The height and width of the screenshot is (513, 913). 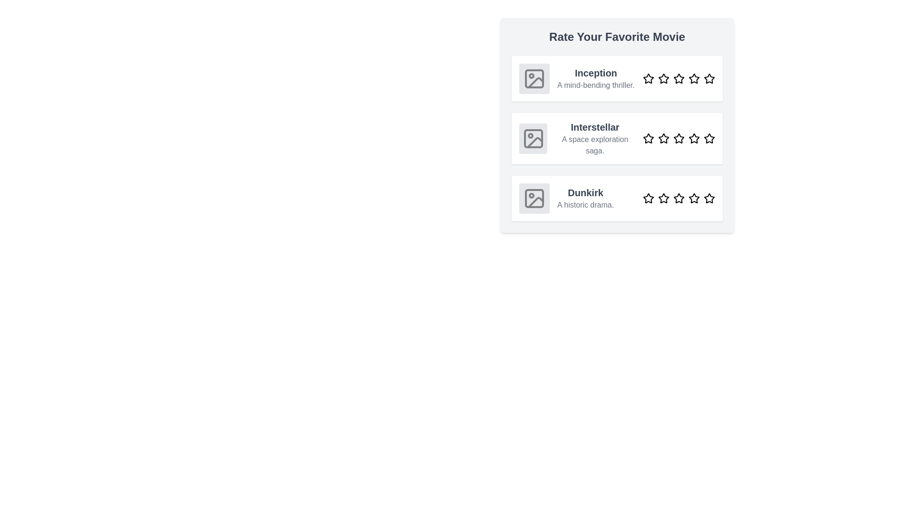 I want to click on the Text label that displays the title and description of a movie, which is located in the second row of movie ratings, directly below 'Inception' and above 'Dunkirk', so click(x=594, y=139).